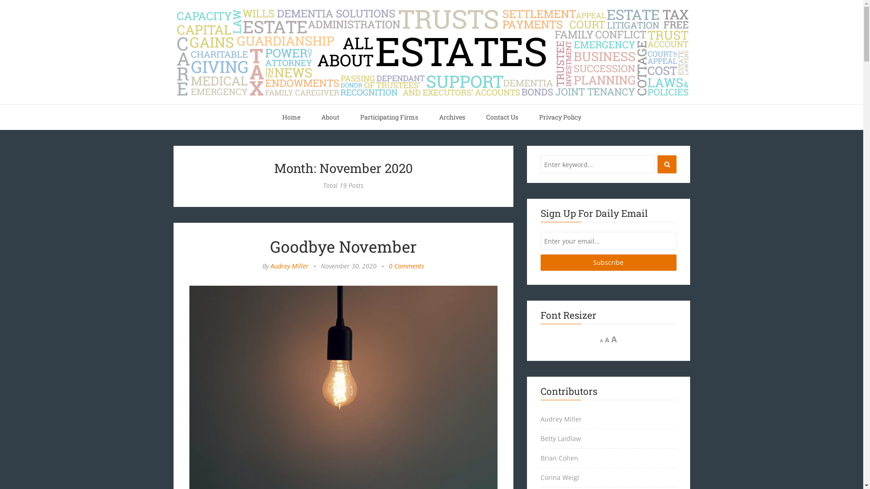  I want to click on '0 Comments', so click(389, 265).